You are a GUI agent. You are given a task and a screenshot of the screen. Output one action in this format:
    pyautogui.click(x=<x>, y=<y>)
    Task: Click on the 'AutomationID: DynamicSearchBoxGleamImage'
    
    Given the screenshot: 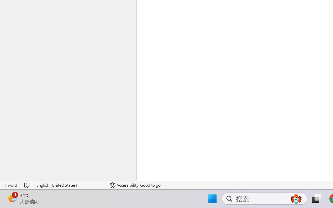 What is the action you would take?
    pyautogui.click(x=296, y=199)
    